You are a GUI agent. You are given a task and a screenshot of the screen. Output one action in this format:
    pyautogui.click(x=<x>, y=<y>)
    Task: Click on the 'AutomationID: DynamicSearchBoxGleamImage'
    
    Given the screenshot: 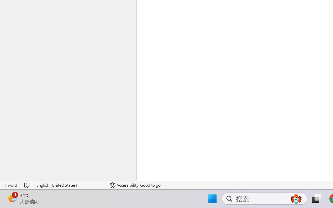 What is the action you would take?
    pyautogui.click(x=296, y=199)
    